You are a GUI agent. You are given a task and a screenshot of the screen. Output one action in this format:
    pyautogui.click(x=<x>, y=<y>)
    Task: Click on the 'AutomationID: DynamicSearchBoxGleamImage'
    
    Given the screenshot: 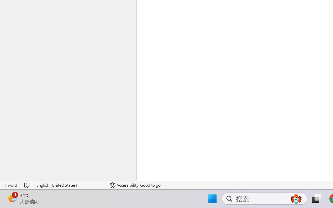 What is the action you would take?
    pyautogui.click(x=296, y=199)
    